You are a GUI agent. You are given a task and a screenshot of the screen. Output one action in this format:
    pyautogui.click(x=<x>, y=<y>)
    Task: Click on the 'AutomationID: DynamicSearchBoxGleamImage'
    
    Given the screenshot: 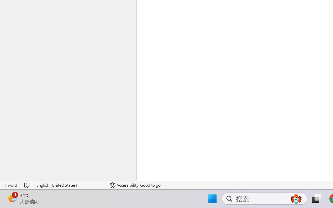 What is the action you would take?
    pyautogui.click(x=296, y=199)
    